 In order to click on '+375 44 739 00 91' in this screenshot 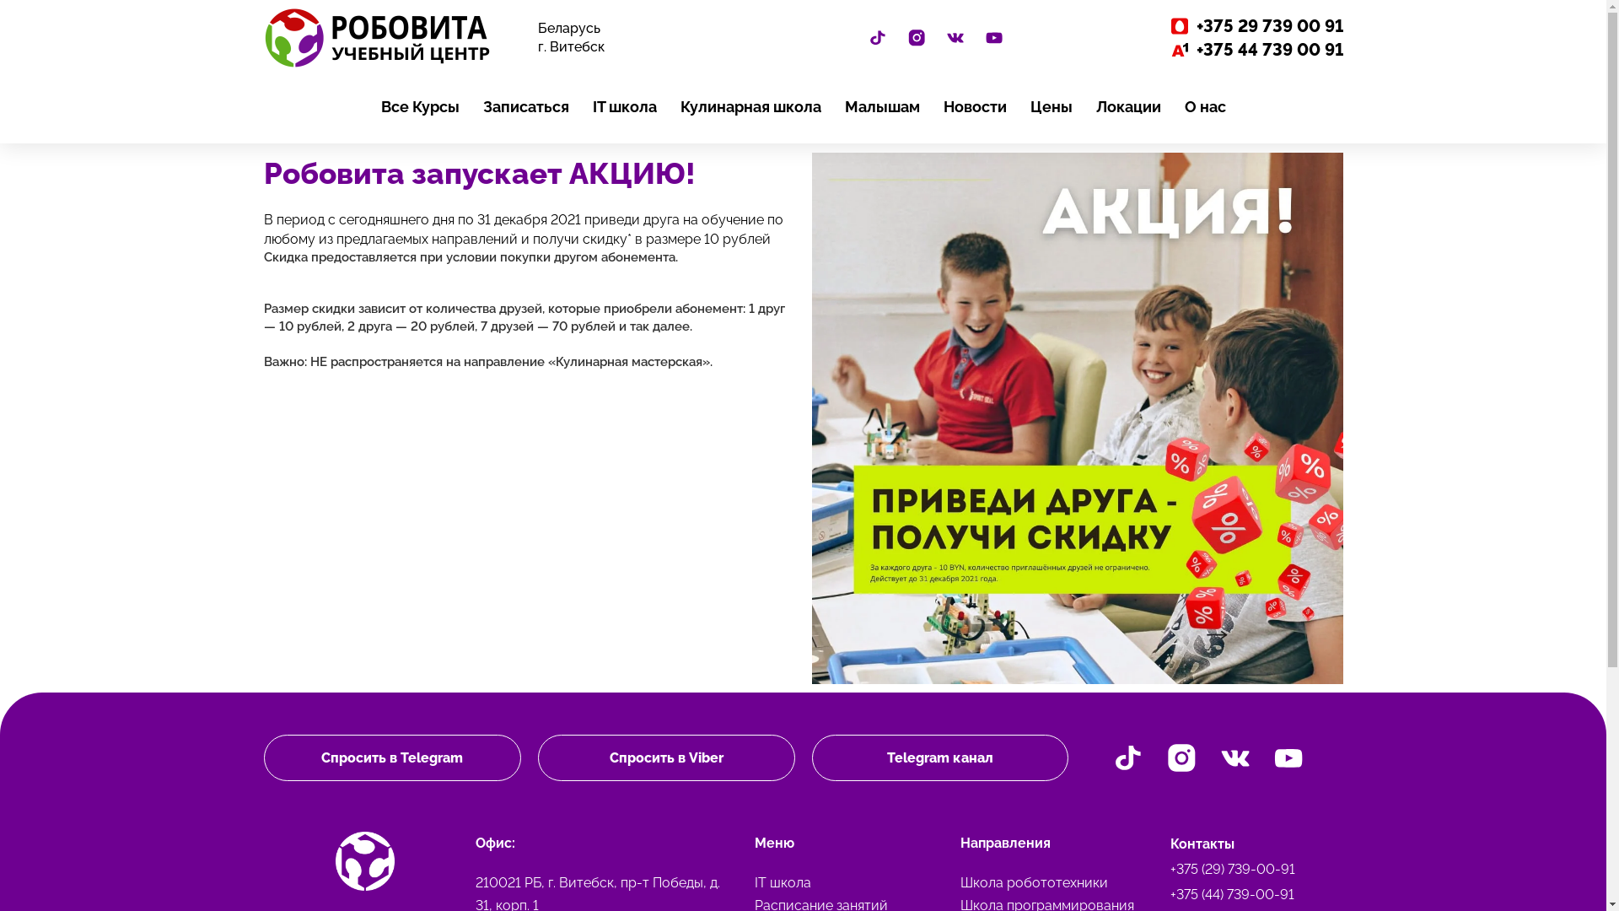, I will do `click(1214, 48)`.